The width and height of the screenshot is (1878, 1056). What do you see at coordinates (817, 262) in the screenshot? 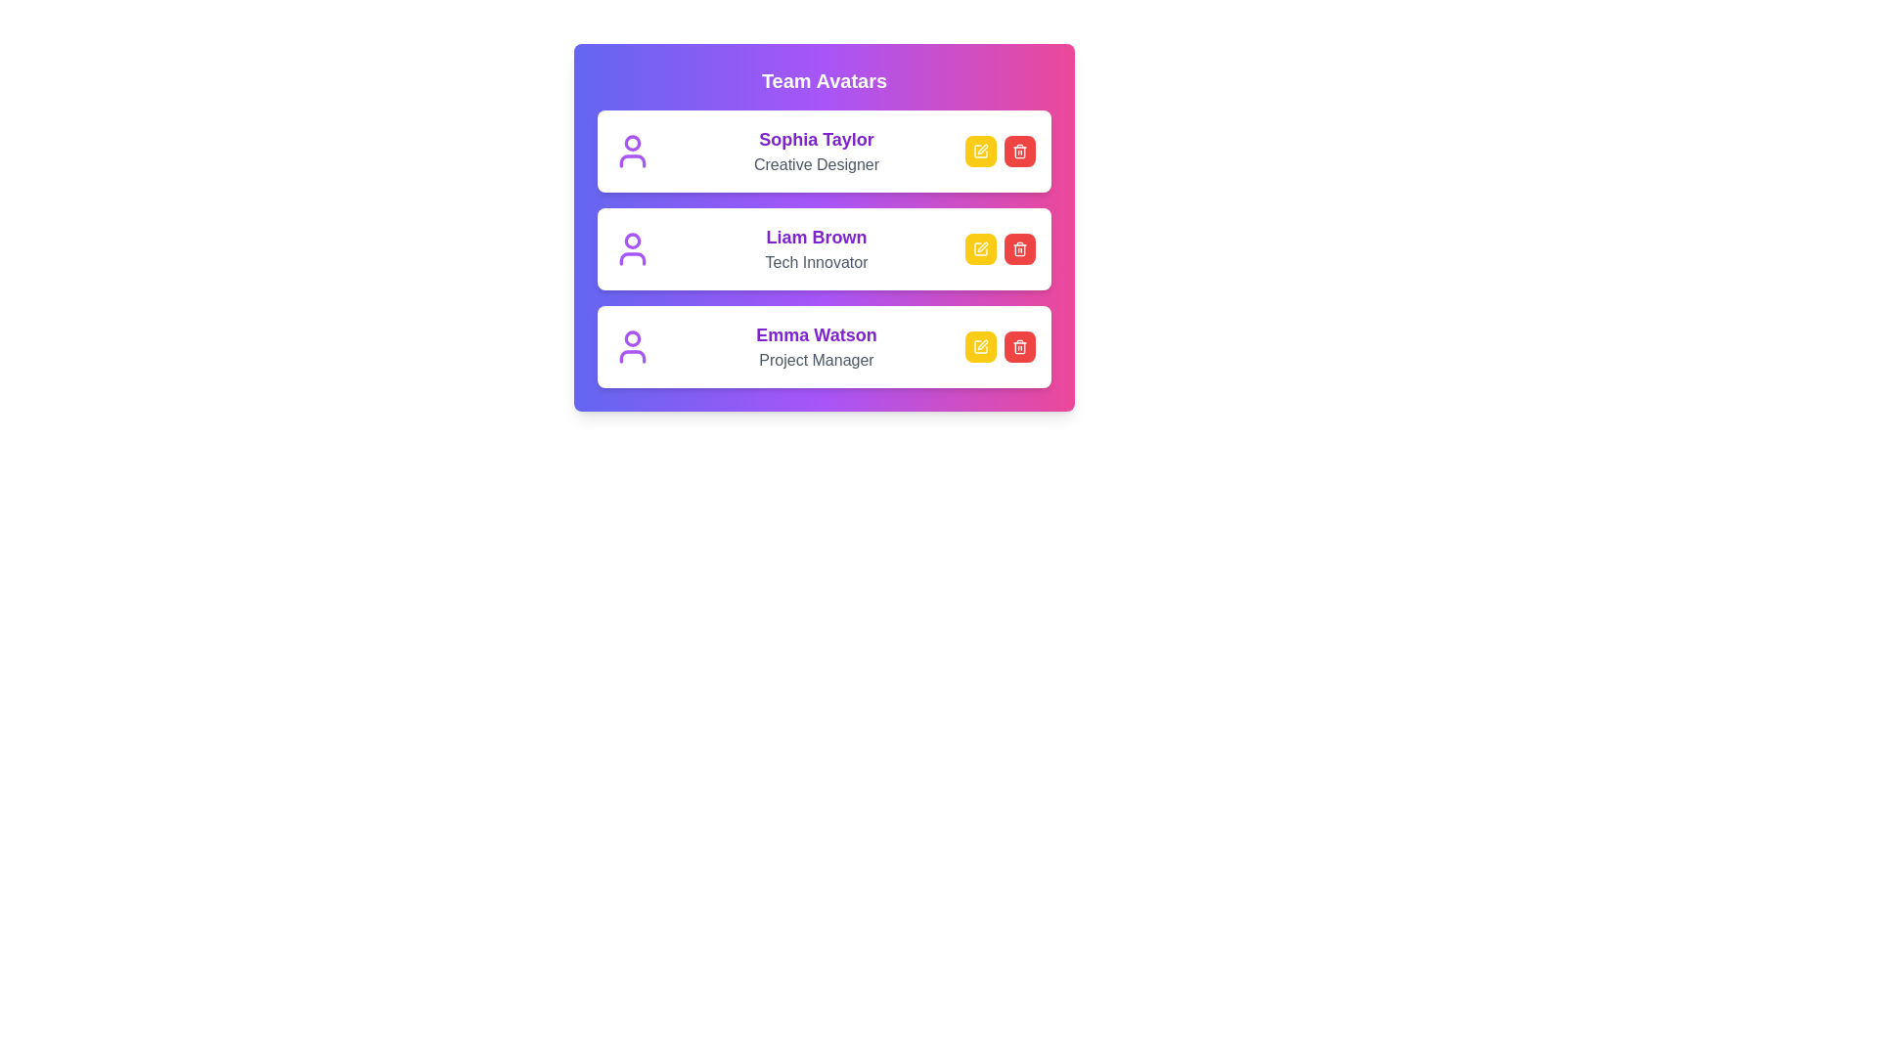
I see `the text label displaying 'Tech Innovator' which is positioned below 'Liam Brown' in the team member list` at bounding box center [817, 262].